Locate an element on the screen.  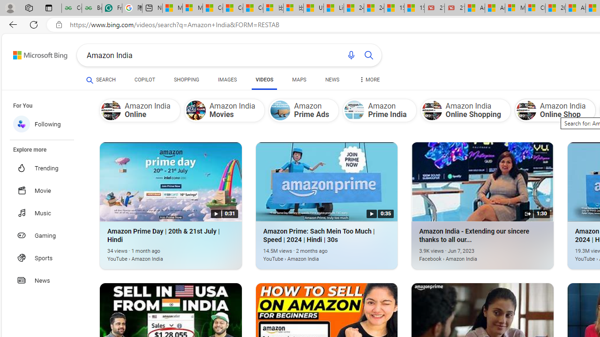
'MAPS' is located at coordinates (299, 81).